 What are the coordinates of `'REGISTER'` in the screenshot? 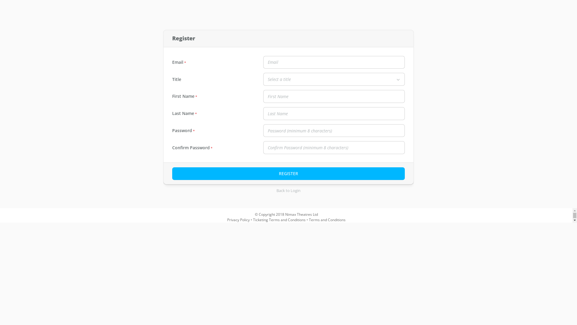 It's located at (288, 174).